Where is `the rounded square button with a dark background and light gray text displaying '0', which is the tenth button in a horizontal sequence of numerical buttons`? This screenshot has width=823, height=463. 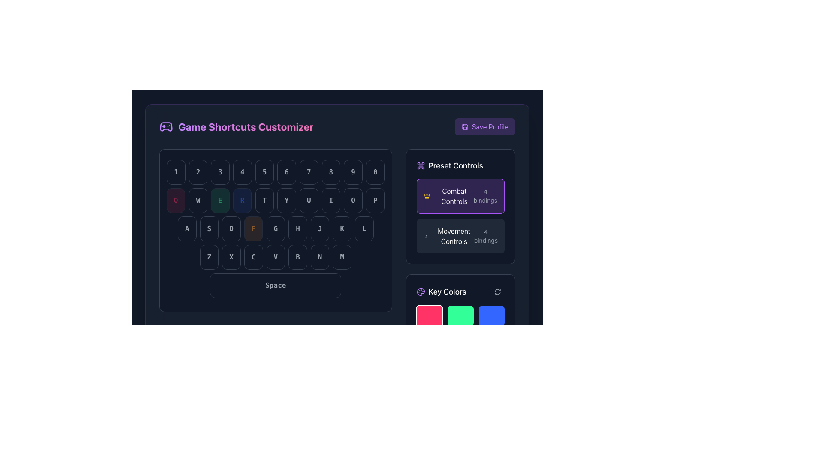 the rounded square button with a dark background and light gray text displaying '0', which is the tenth button in a horizontal sequence of numerical buttons is located at coordinates (375, 172).